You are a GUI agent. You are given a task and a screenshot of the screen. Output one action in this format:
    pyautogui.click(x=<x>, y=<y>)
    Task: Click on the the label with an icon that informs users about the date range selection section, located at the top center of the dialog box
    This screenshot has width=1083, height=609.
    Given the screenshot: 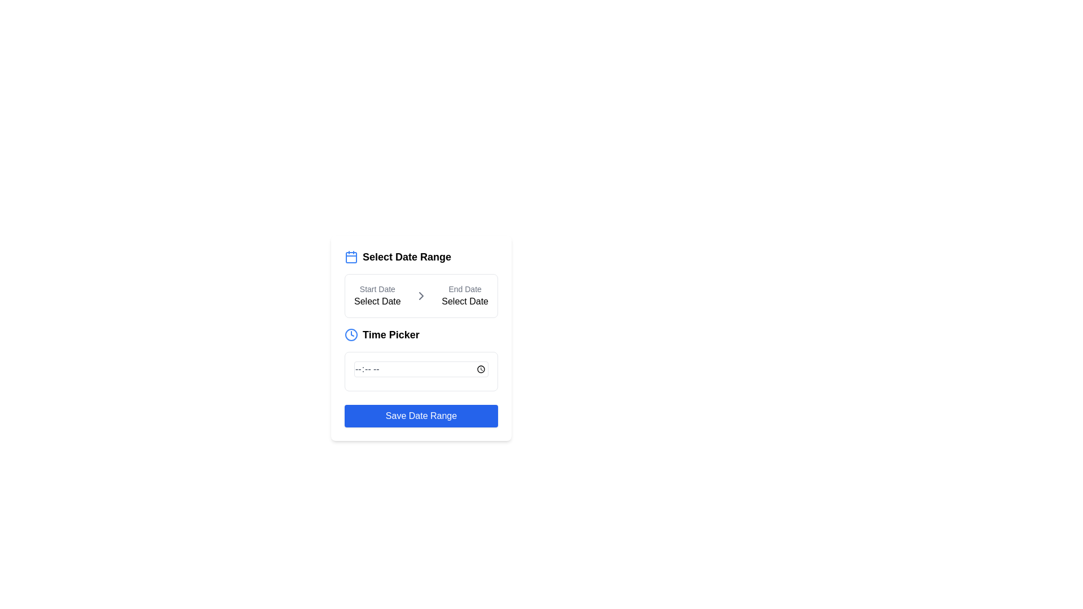 What is the action you would take?
    pyautogui.click(x=421, y=257)
    